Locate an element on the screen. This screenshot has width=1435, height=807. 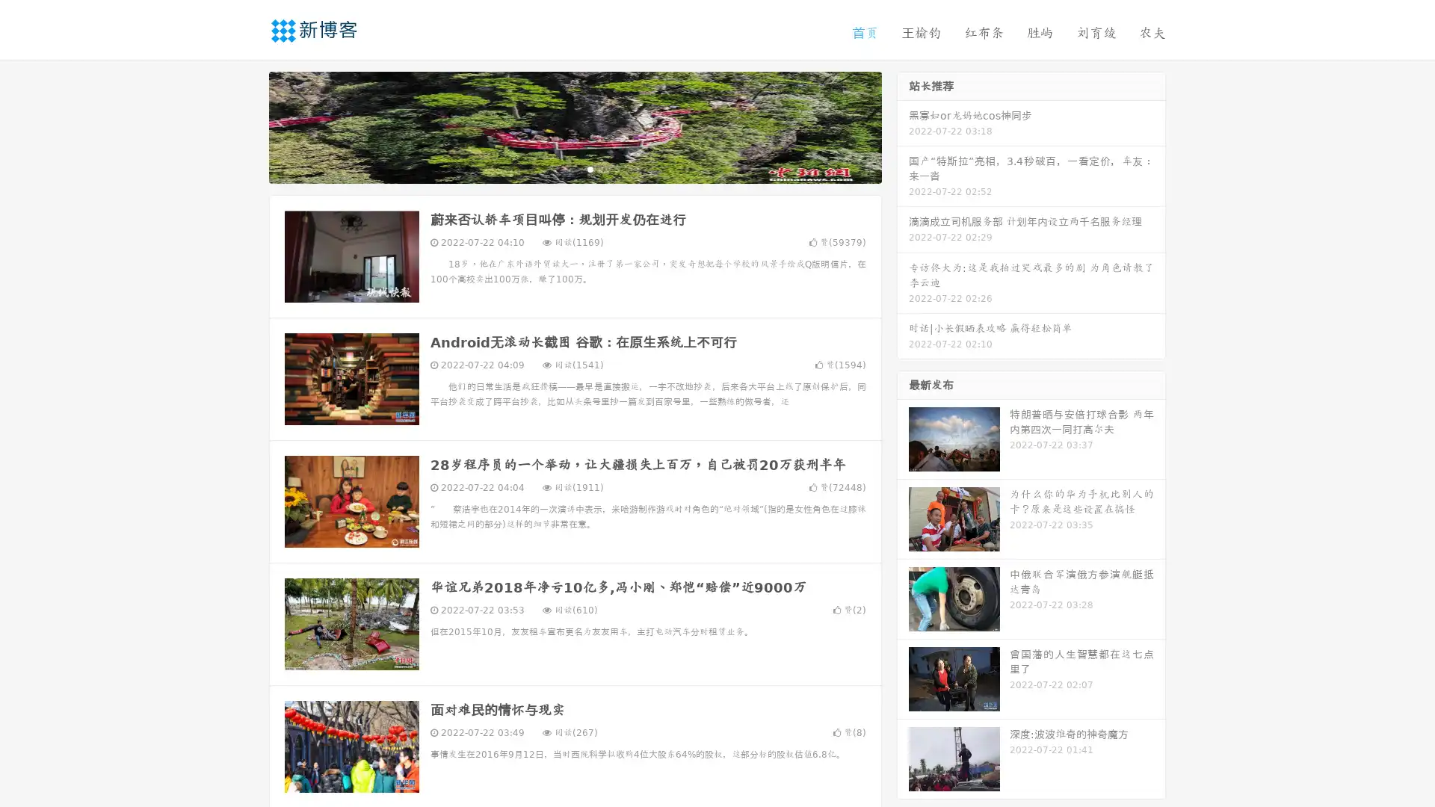
Go to slide 1 is located at coordinates (559, 168).